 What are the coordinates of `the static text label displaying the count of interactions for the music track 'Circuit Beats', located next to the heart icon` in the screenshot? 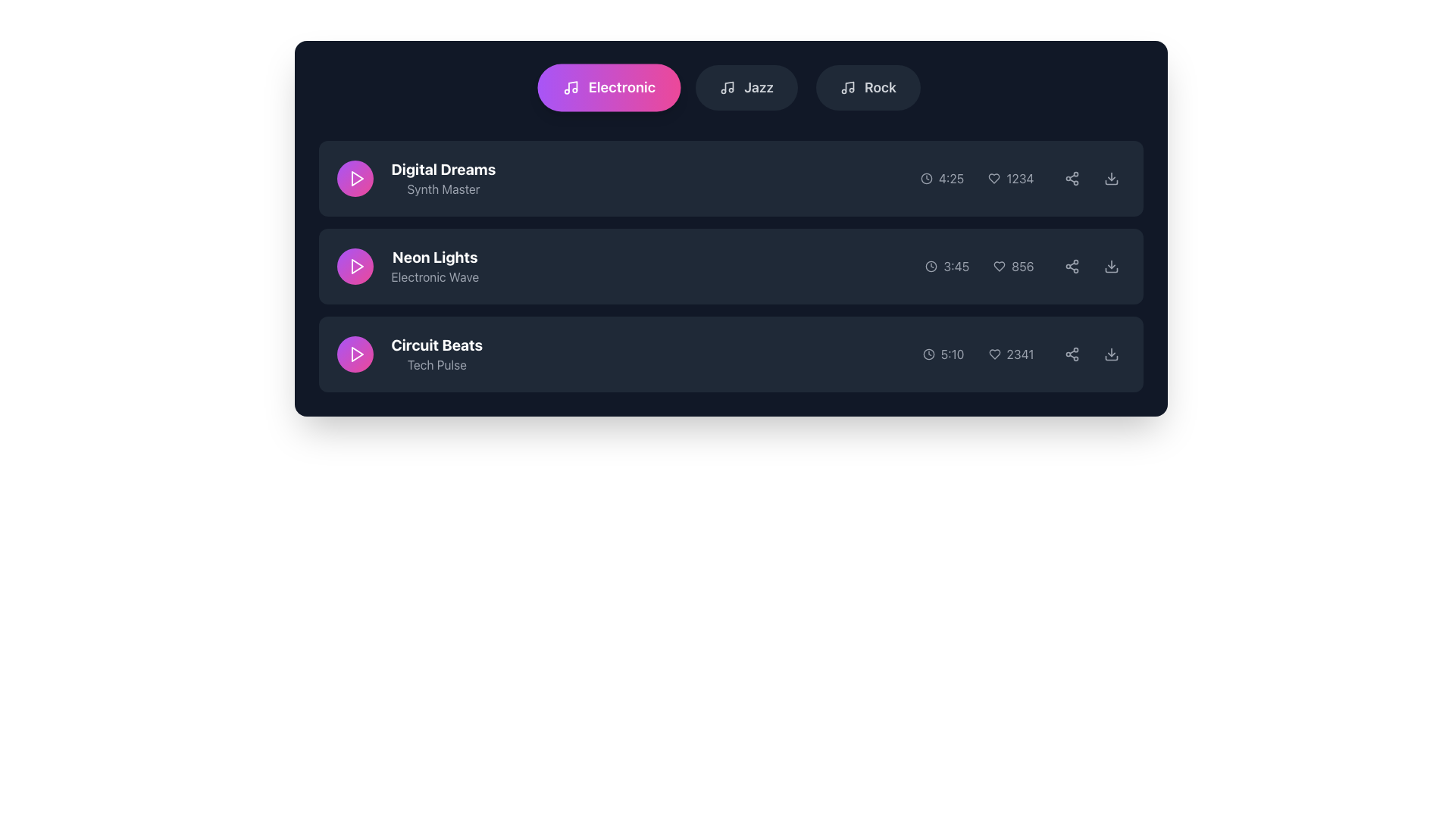 It's located at (1020, 354).